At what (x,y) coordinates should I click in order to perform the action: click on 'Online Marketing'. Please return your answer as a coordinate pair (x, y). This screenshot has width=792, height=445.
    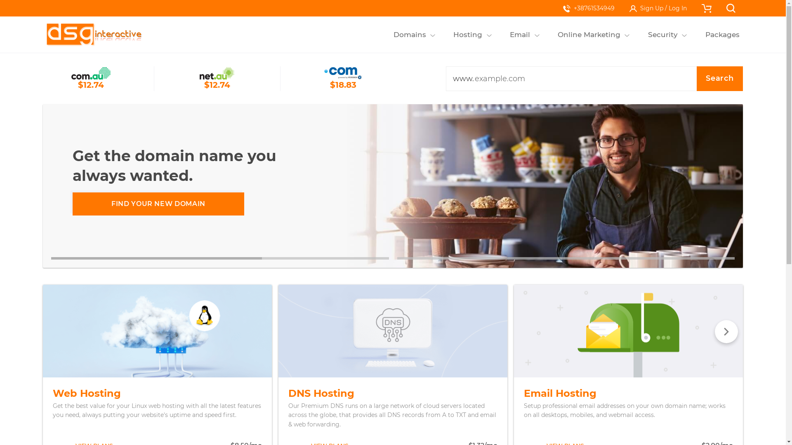
    Looking at the image, I should click on (589, 34).